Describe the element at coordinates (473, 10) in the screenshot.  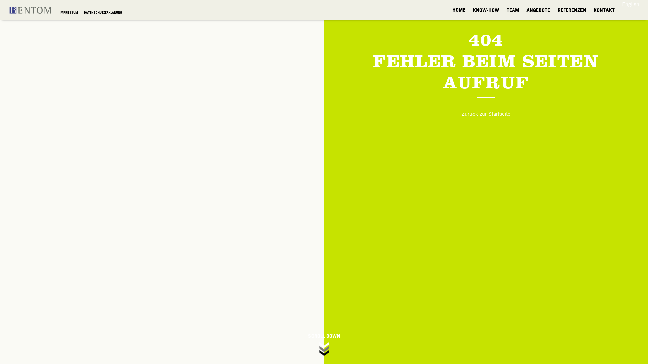
I see `'KNOW-HOW'` at that location.